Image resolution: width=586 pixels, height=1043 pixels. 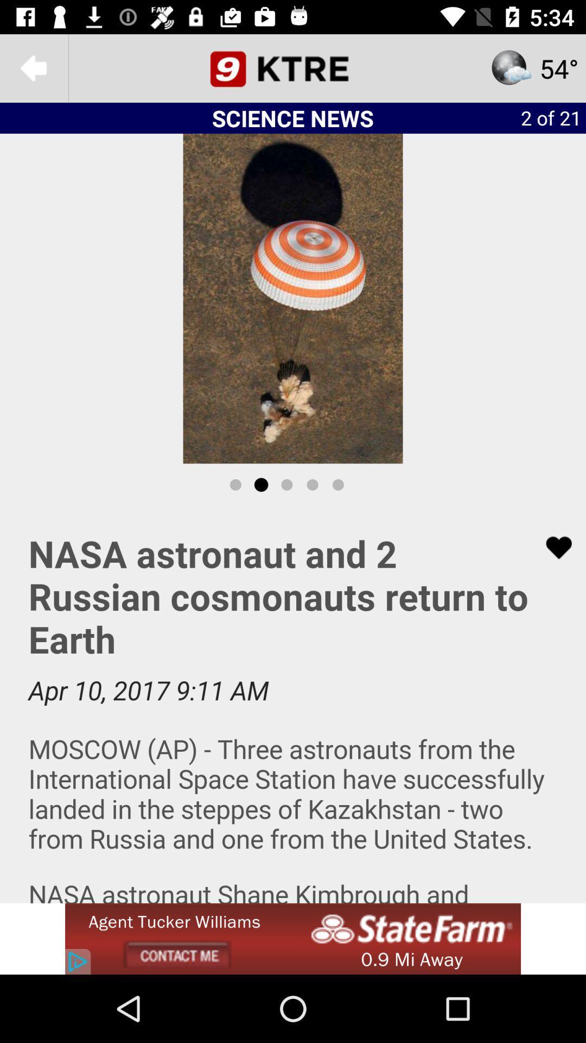 What do you see at coordinates (33, 67) in the screenshot?
I see `the arrow_backward icon` at bounding box center [33, 67].